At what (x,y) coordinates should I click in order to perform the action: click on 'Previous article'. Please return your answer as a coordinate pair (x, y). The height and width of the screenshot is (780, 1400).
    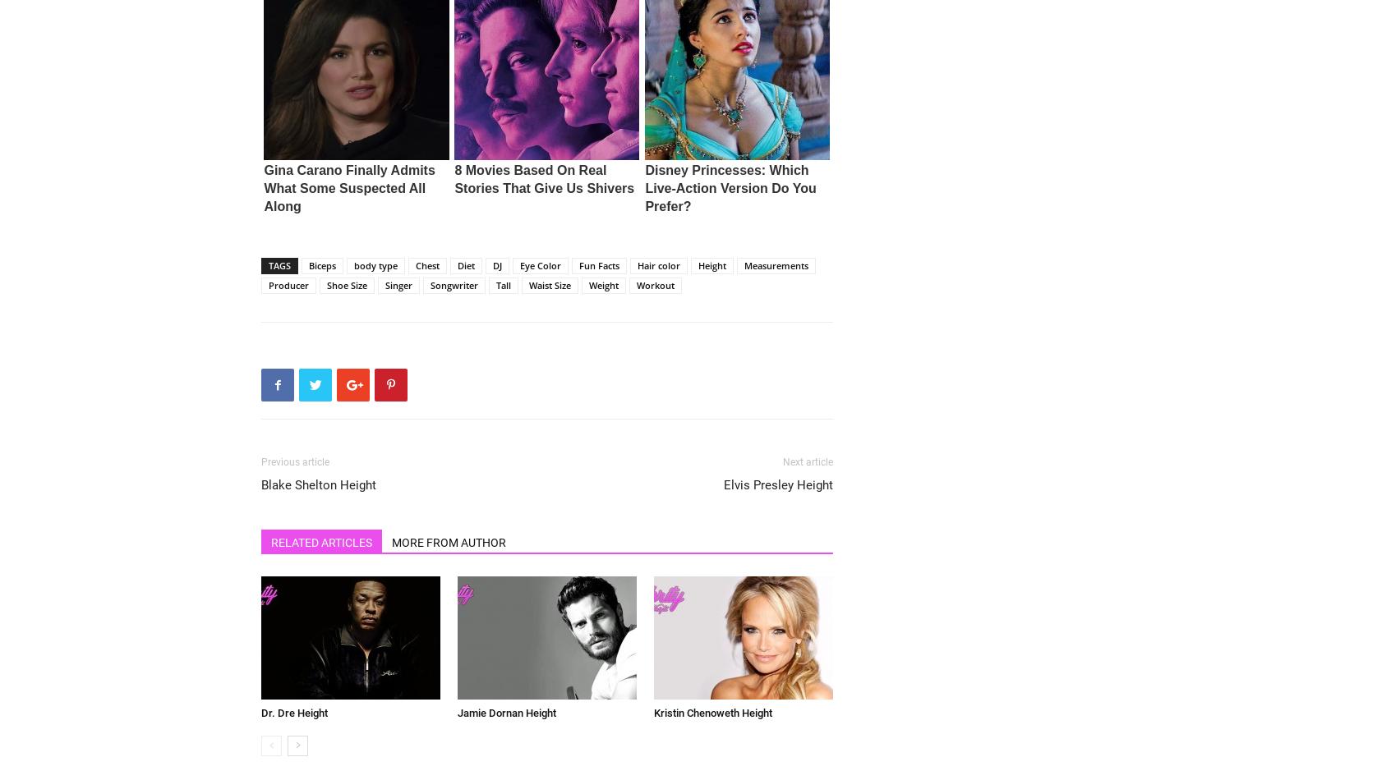
    Looking at the image, I should click on (294, 461).